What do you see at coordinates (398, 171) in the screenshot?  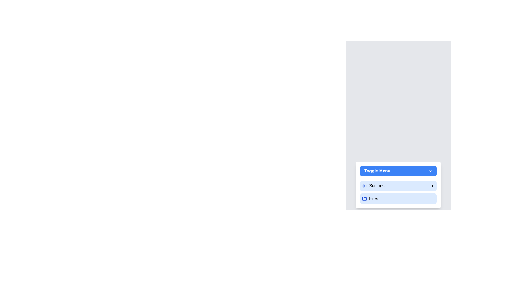 I see `the 'Toggle Menu' button to toggle the menu open or closed` at bounding box center [398, 171].